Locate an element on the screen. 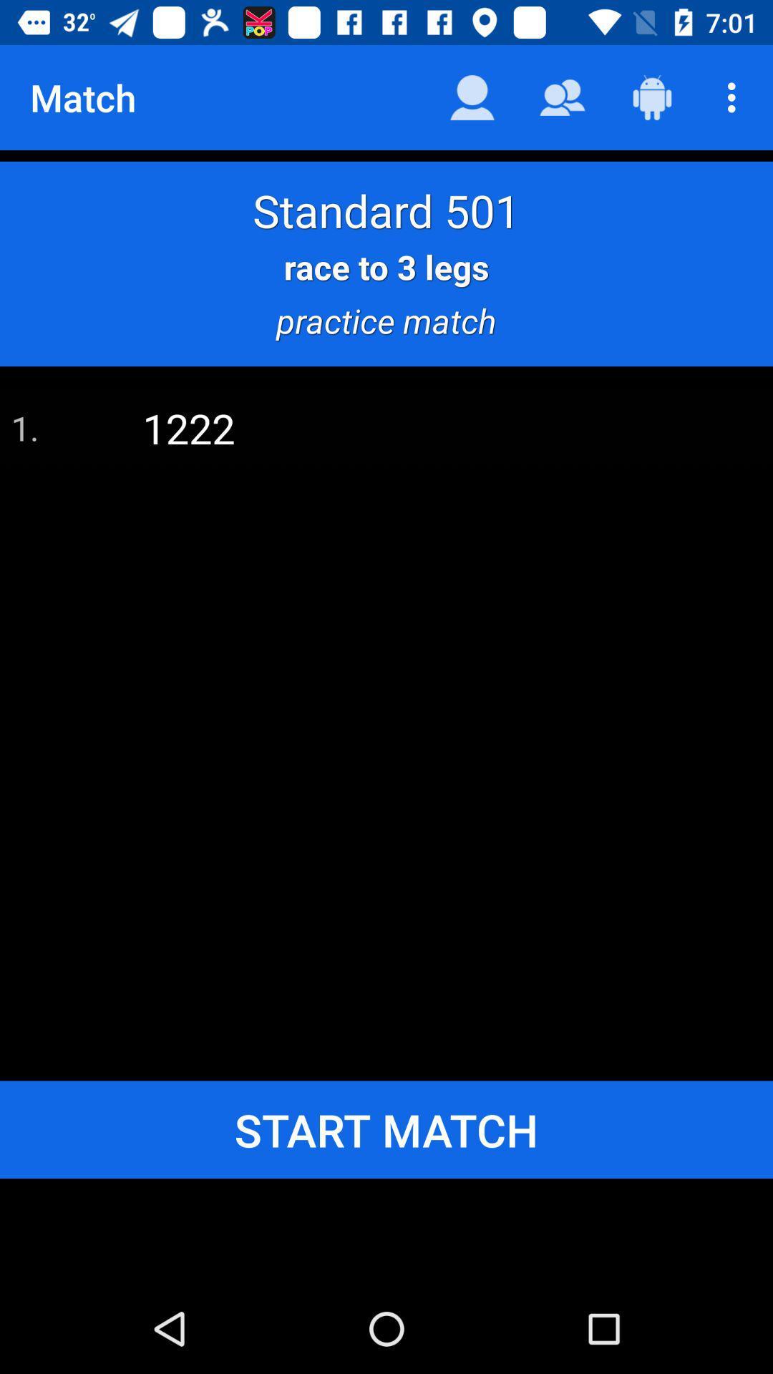  the app next to match item is located at coordinates (472, 97).